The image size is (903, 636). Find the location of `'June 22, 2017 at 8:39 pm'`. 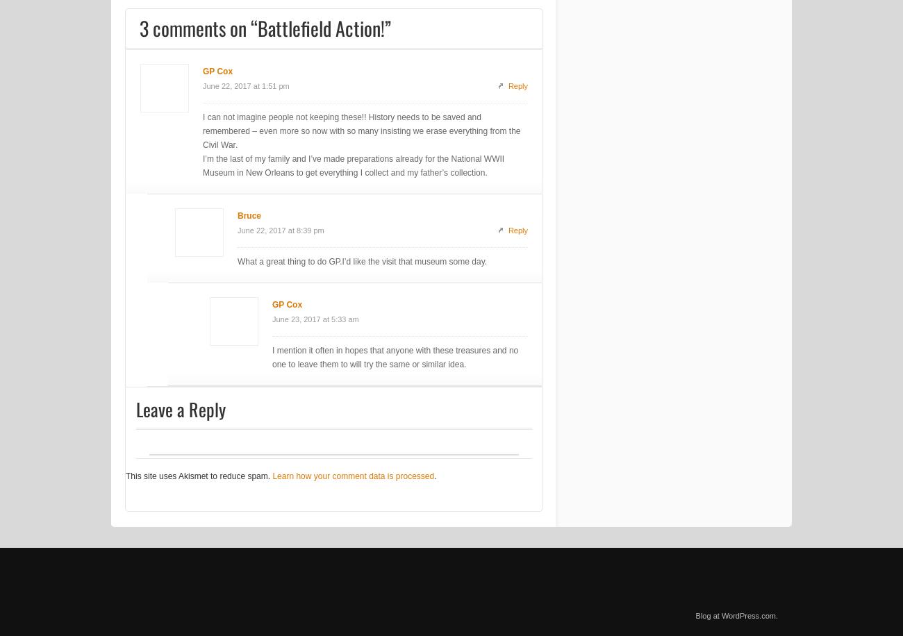

'June 22, 2017 at 8:39 pm' is located at coordinates (281, 229).